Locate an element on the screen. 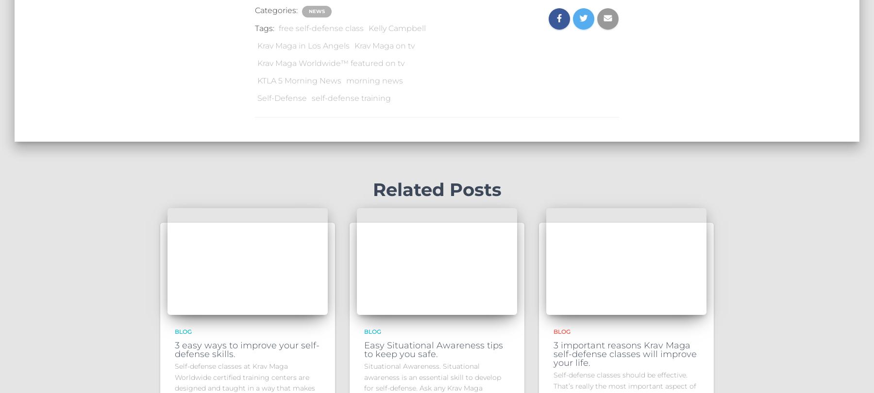 Image resolution: width=874 pixels, height=393 pixels. 'self-defense training' is located at coordinates (351, 98).